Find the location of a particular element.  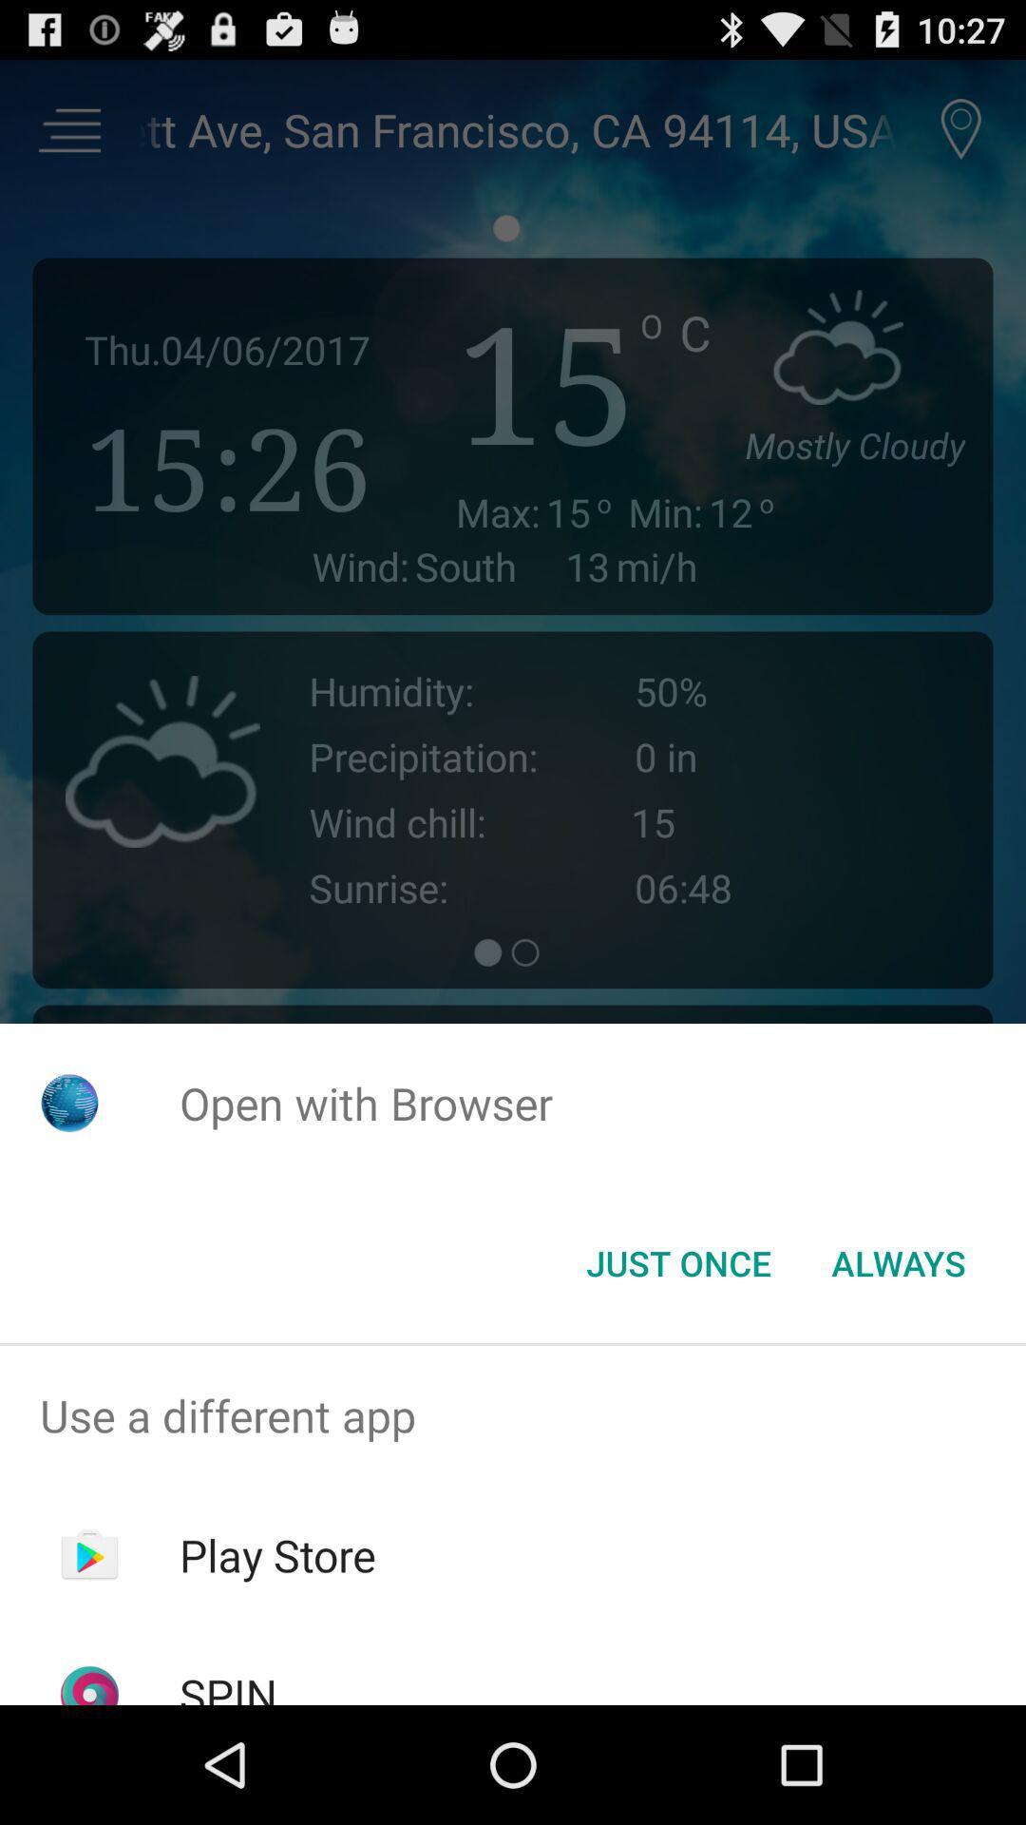

the button at the bottom right corner is located at coordinates (898, 1263).